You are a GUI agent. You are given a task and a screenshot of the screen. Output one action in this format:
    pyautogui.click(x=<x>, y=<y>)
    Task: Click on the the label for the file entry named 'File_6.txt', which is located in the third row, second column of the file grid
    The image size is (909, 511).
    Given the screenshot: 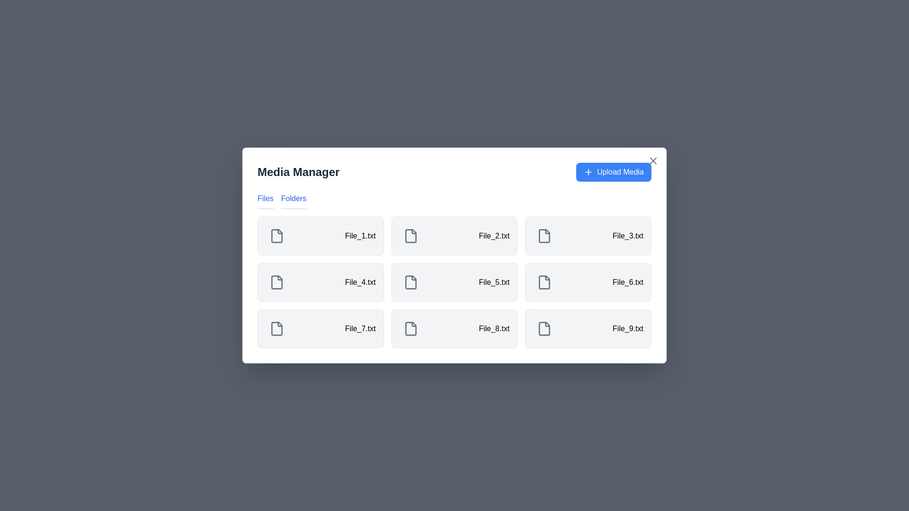 What is the action you would take?
    pyautogui.click(x=628, y=282)
    